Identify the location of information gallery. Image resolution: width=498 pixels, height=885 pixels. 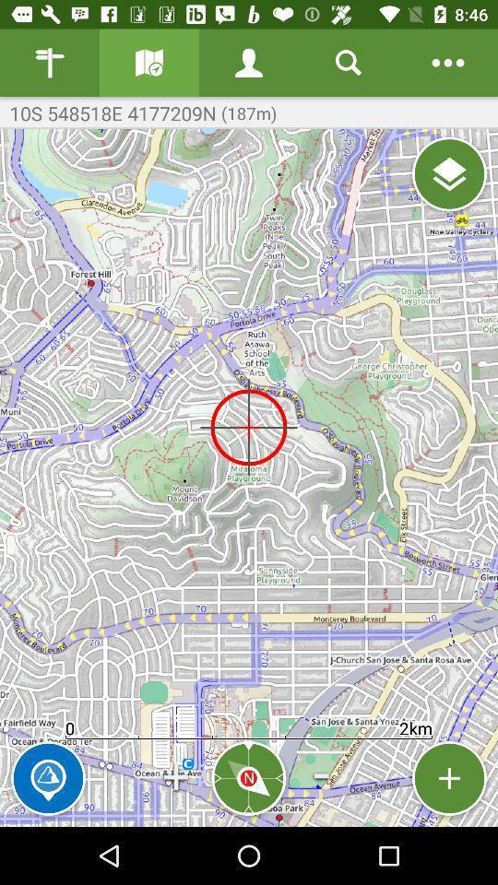
(148, 63).